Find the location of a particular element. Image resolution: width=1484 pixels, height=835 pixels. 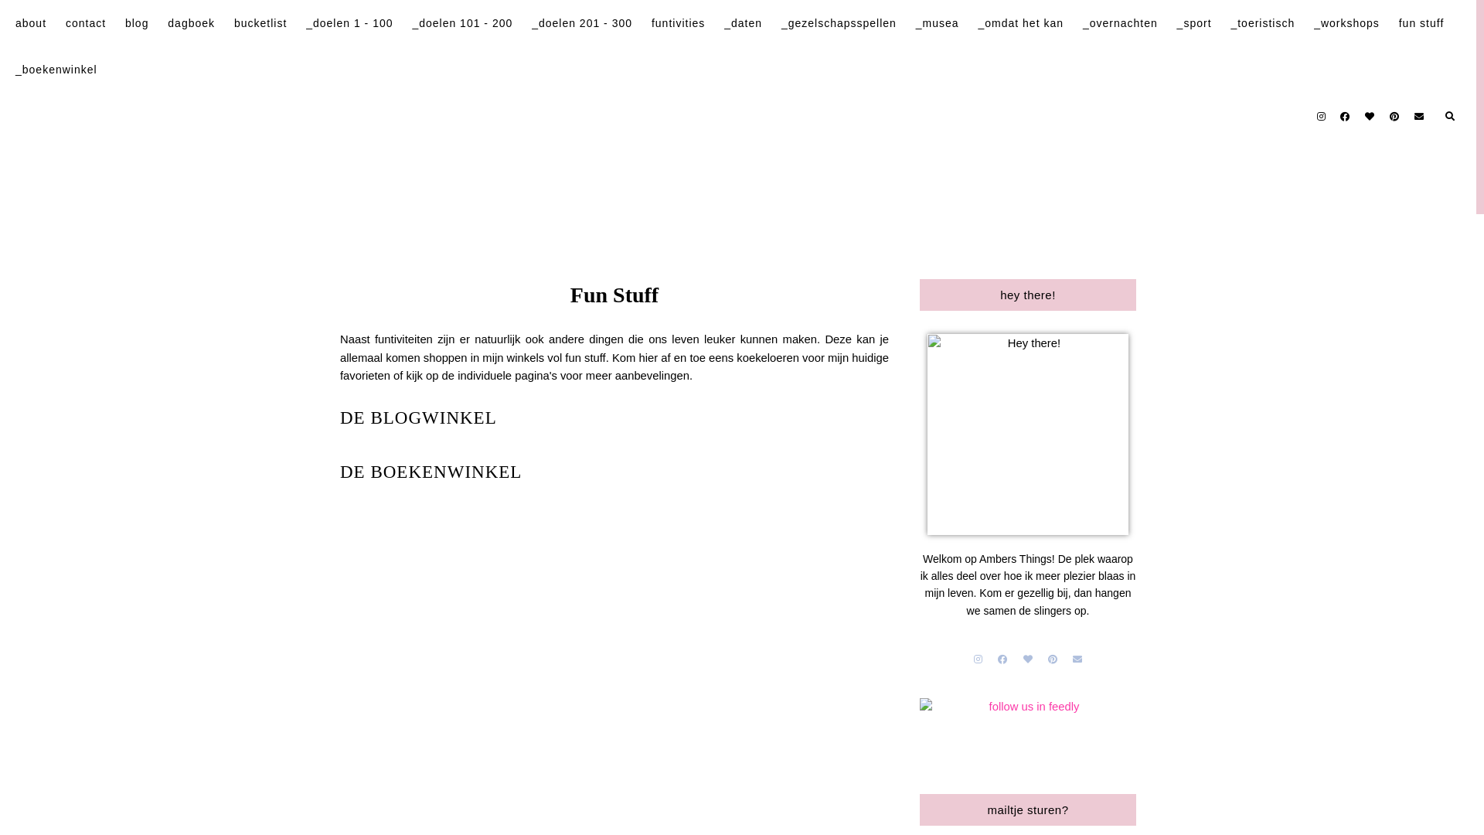

'_sport' is located at coordinates (1193, 23).